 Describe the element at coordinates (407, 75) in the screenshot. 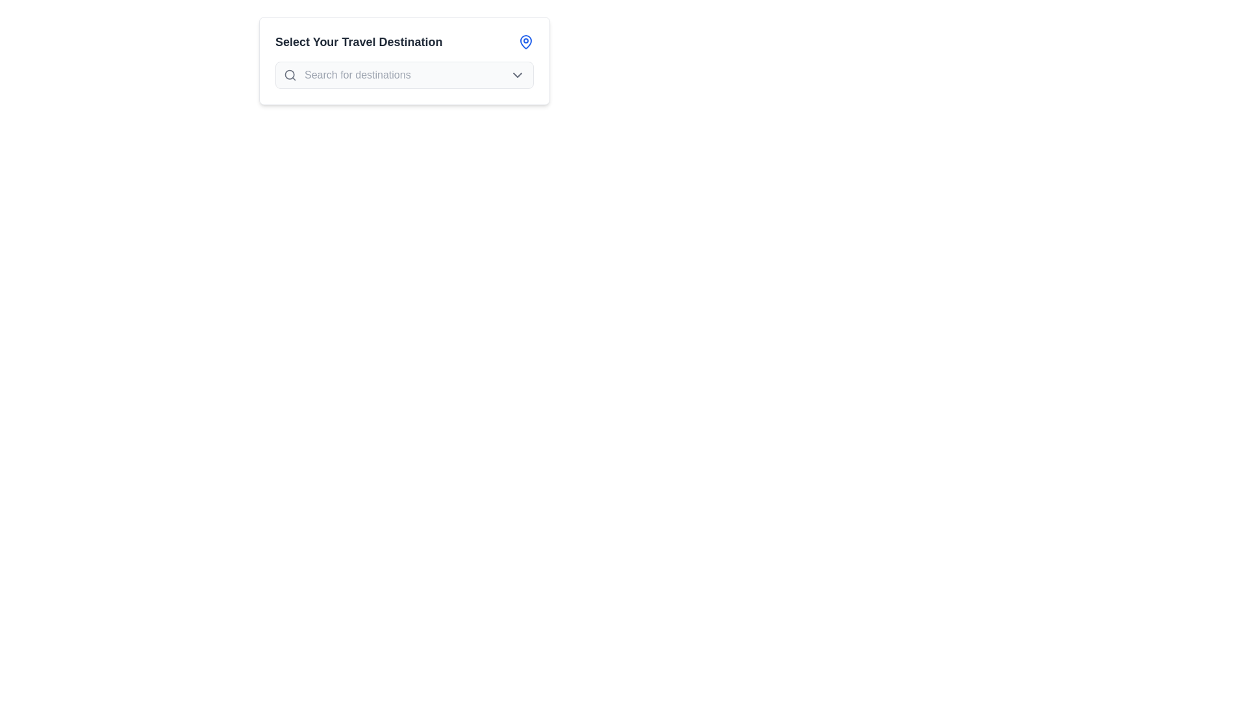

I see `the text input field for searching travel destinations to focus on it` at that location.